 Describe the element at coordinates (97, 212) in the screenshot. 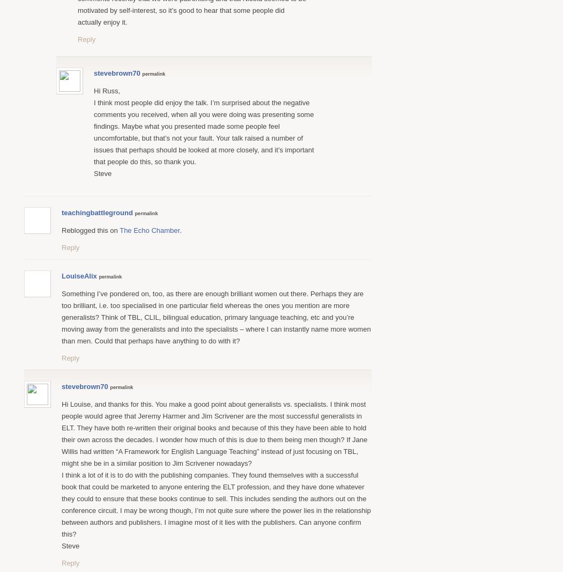

I see `'teachingbattleground'` at that location.